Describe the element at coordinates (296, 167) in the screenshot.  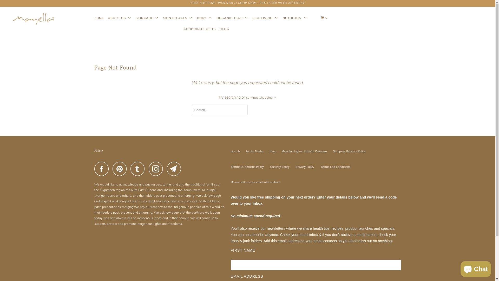
I see `'Privacy Policy'` at that location.